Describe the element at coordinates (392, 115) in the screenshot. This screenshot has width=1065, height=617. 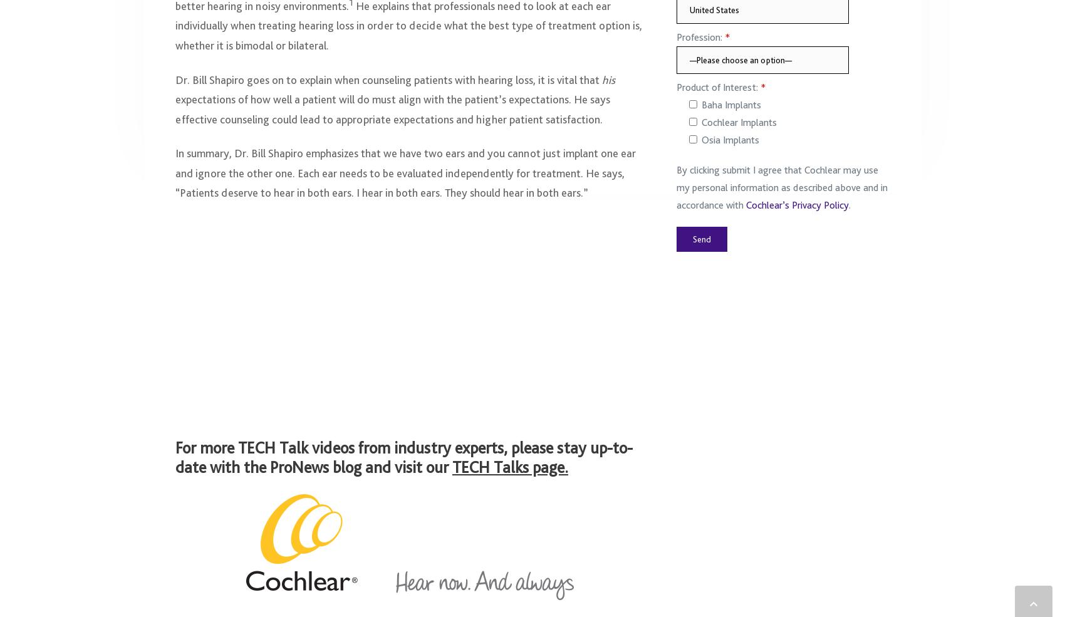
I see `'expectations of how well a patient will do must align with the patient’s expectations. He says effective counseling could lead to appropriate expectations and higher patient satisfaction.'` at that location.